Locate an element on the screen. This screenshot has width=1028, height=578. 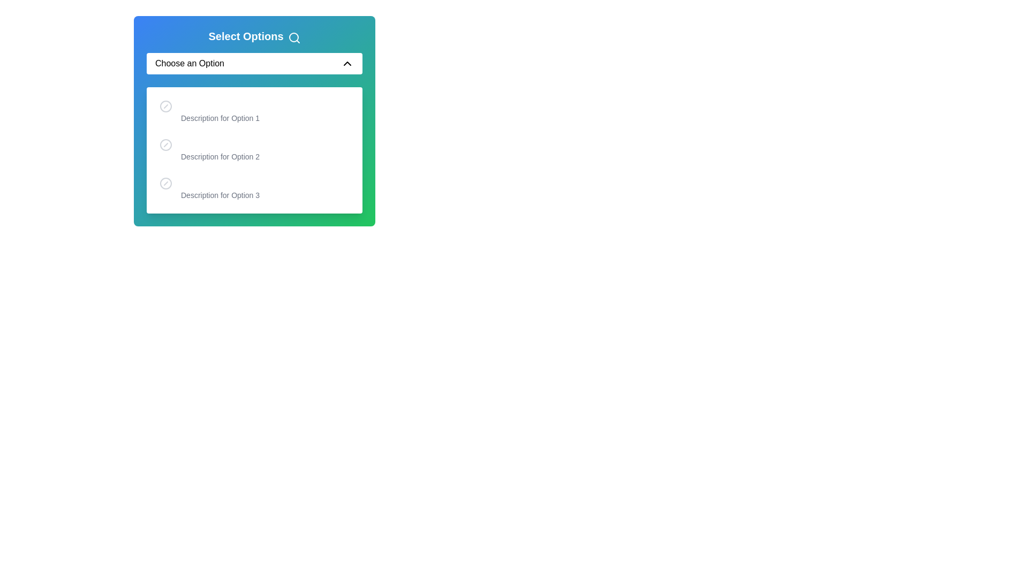
the search icon located in the top header area, positioned to the right of the 'Select Options' title and above the dropdown menu is located at coordinates (293, 36).